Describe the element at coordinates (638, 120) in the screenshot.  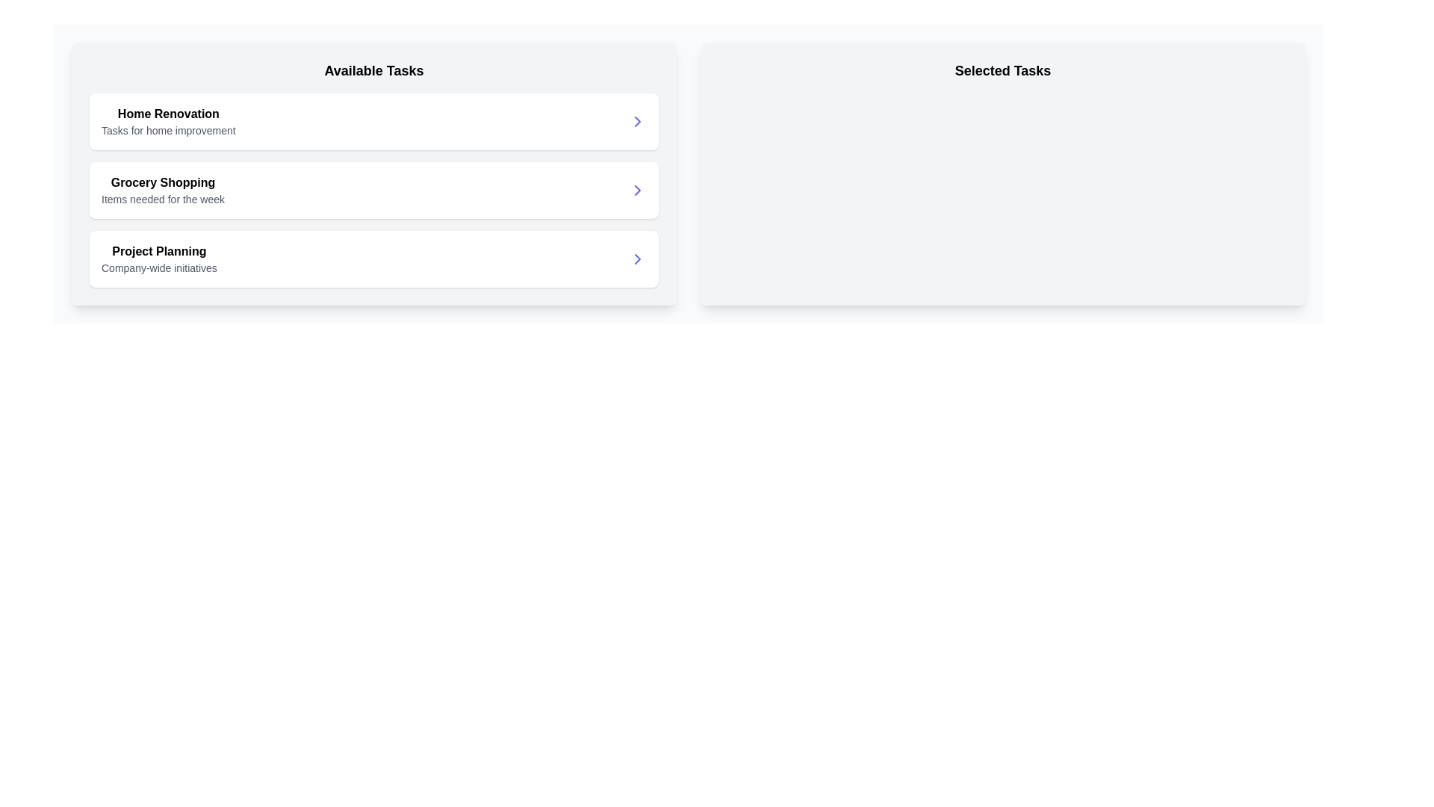
I see `the arrow button corresponding to the item Home Renovation to move it to the right column` at that location.